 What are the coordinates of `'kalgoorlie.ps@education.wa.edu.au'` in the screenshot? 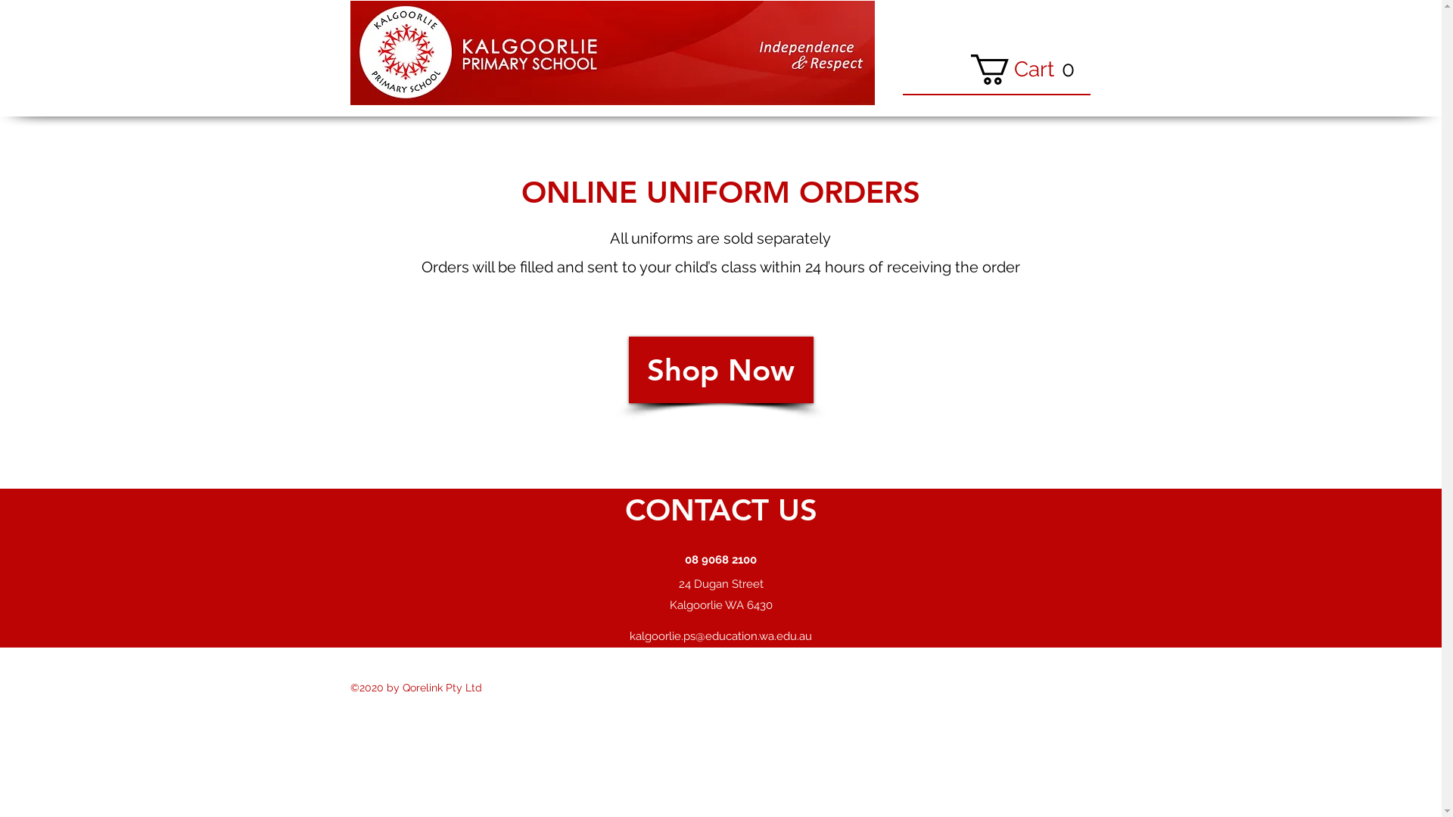 It's located at (720, 635).